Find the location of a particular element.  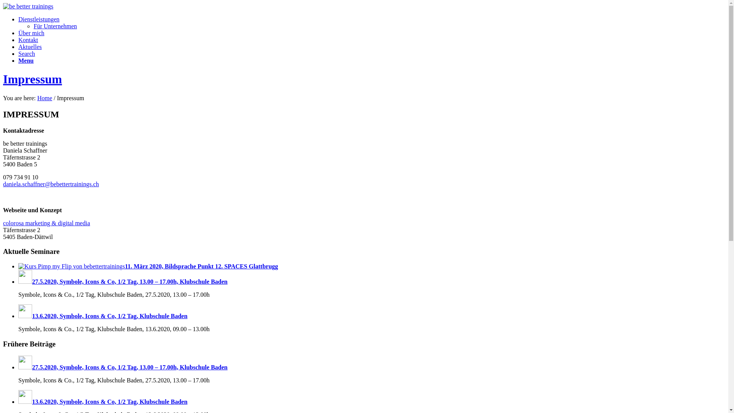

'Search' is located at coordinates (27, 53).